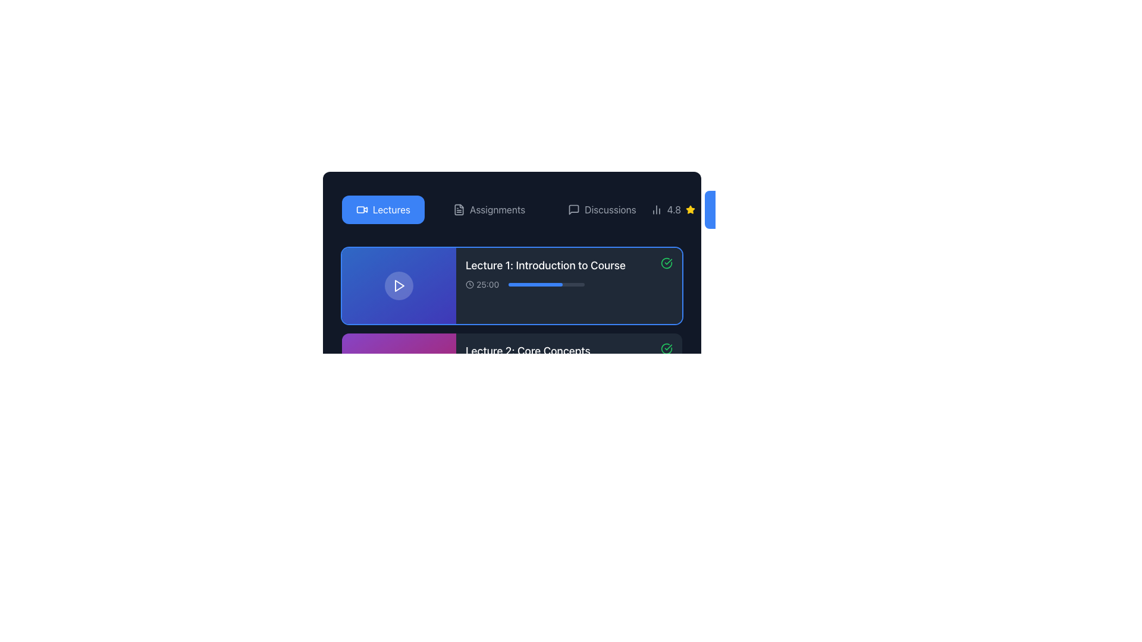  I want to click on the vertical bar chart icon with a minimalistic outline design located on the right side of the top bar, to the left of the numerical rating display '4.8', so click(655, 209).